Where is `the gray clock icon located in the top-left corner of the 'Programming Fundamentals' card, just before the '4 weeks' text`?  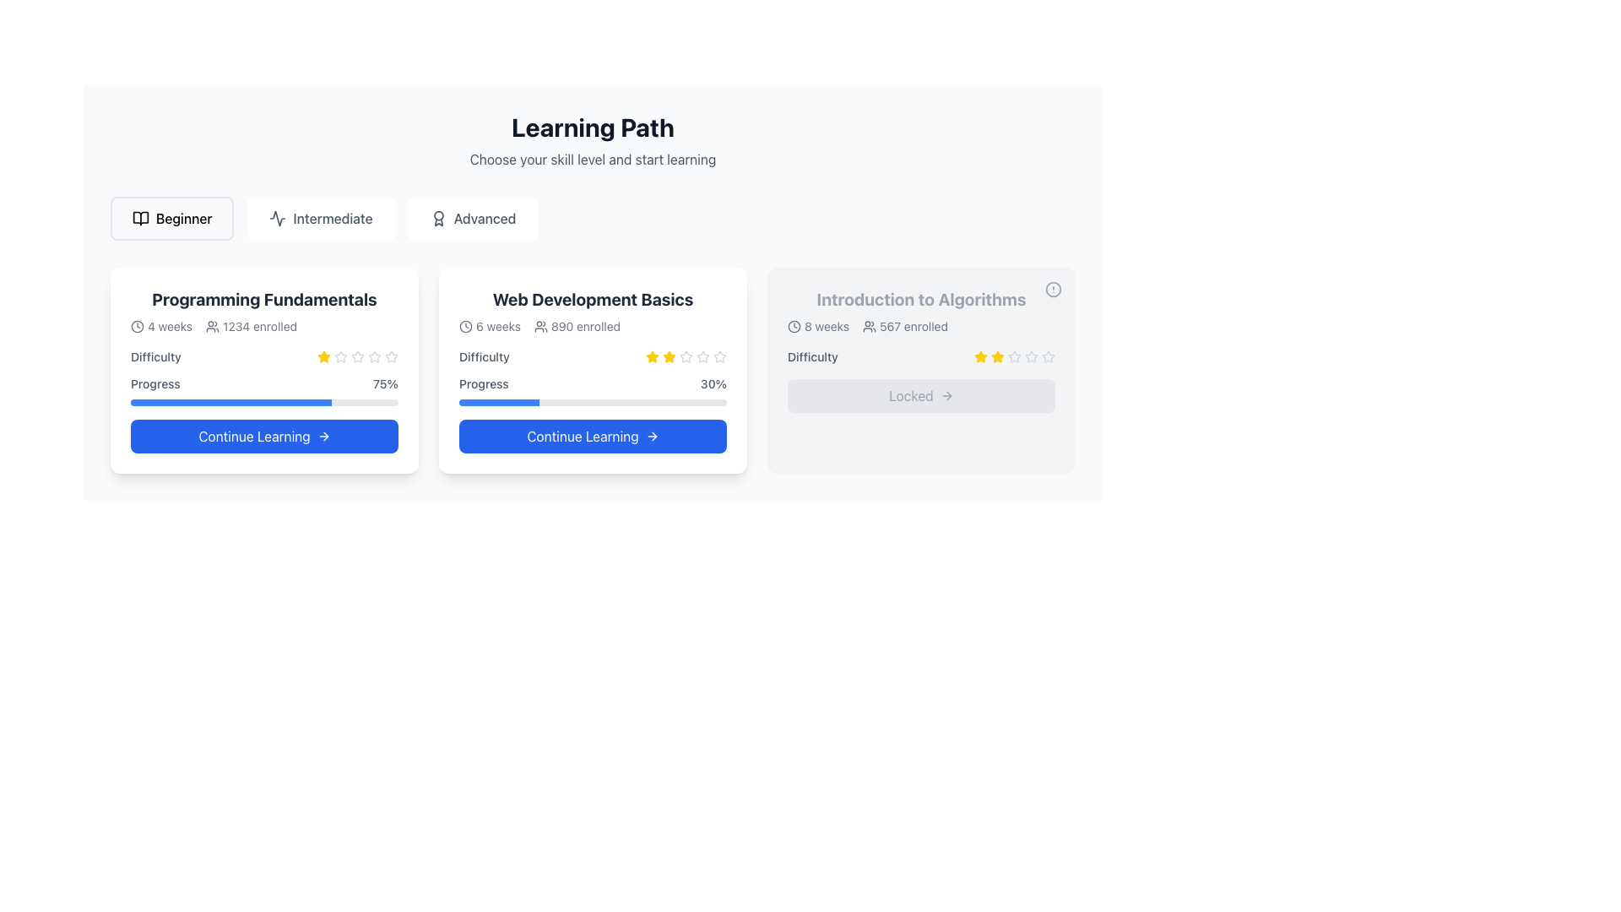
the gray clock icon located in the top-left corner of the 'Programming Fundamentals' card, just before the '4 weeks' text is located at coordinates (138, 326).